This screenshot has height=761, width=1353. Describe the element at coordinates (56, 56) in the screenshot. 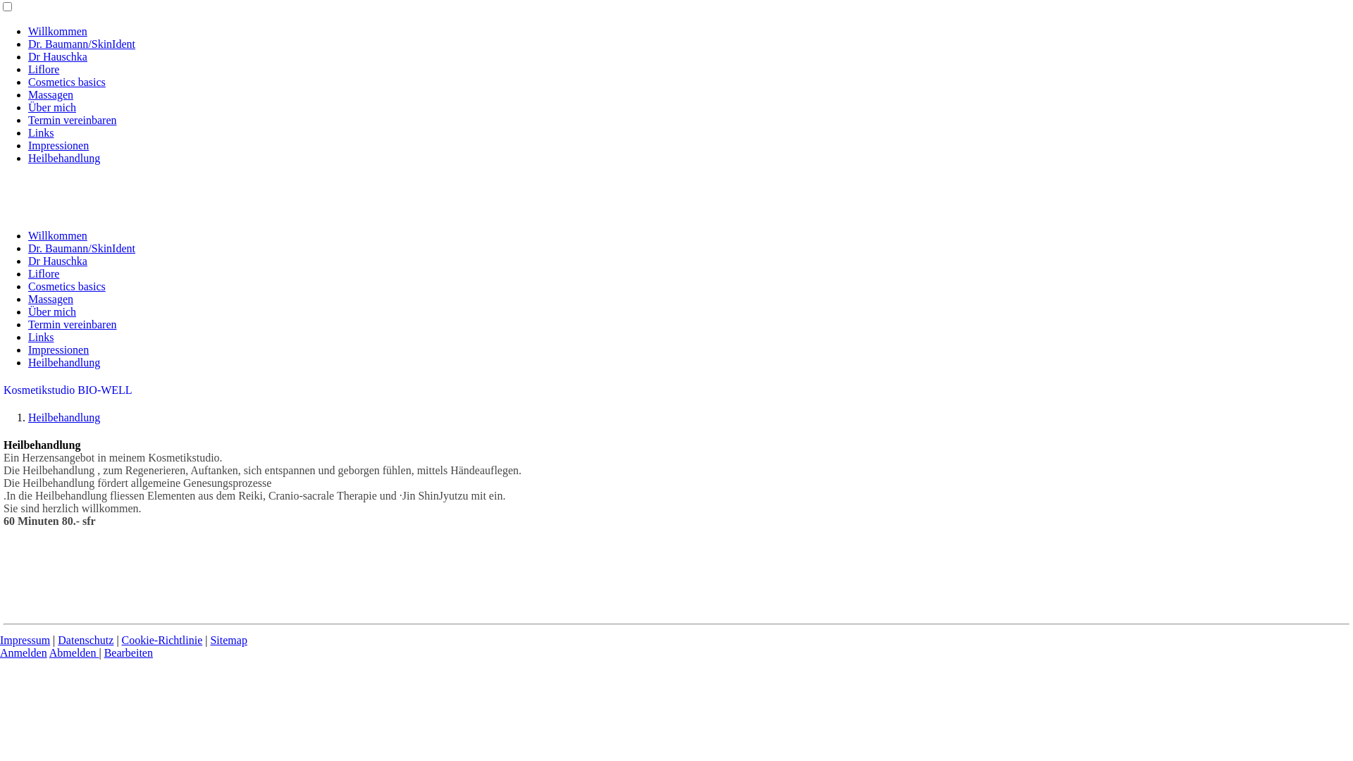

I see `'Dr Hauschka'` at that location.